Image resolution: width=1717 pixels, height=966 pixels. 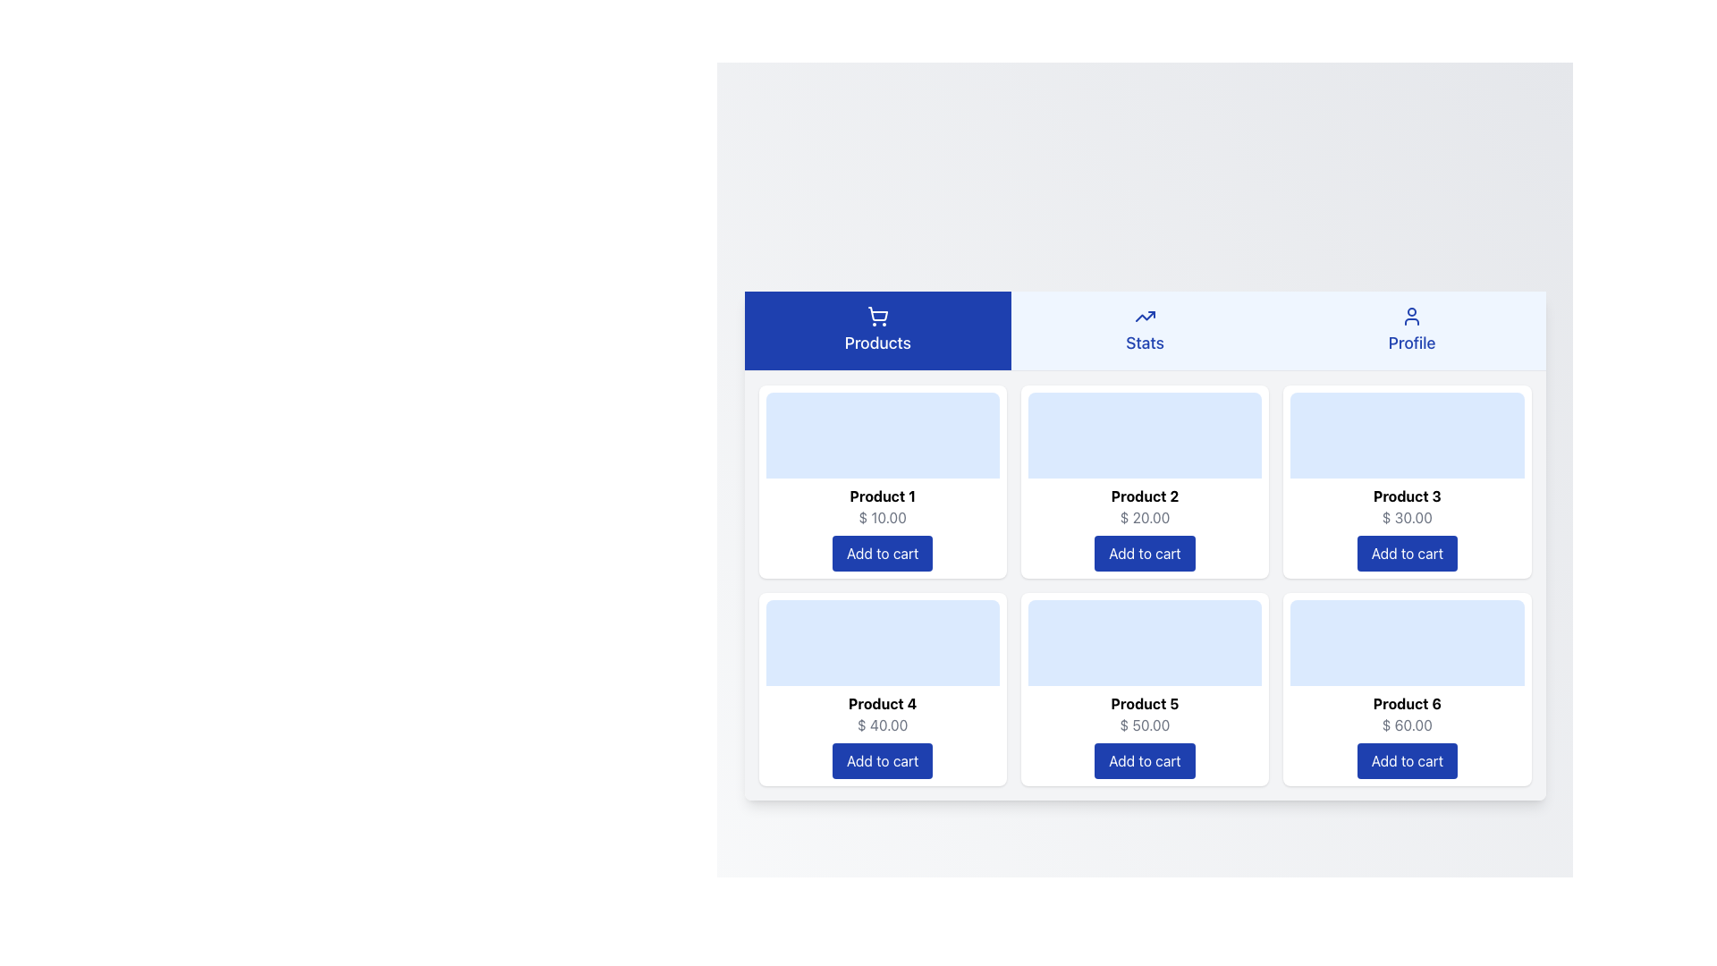 I want to click on product details for the 'Product 1' card, which has an 'Add to cart' button and is located at the top-left corner of the grid, so click(x=883, y=480).